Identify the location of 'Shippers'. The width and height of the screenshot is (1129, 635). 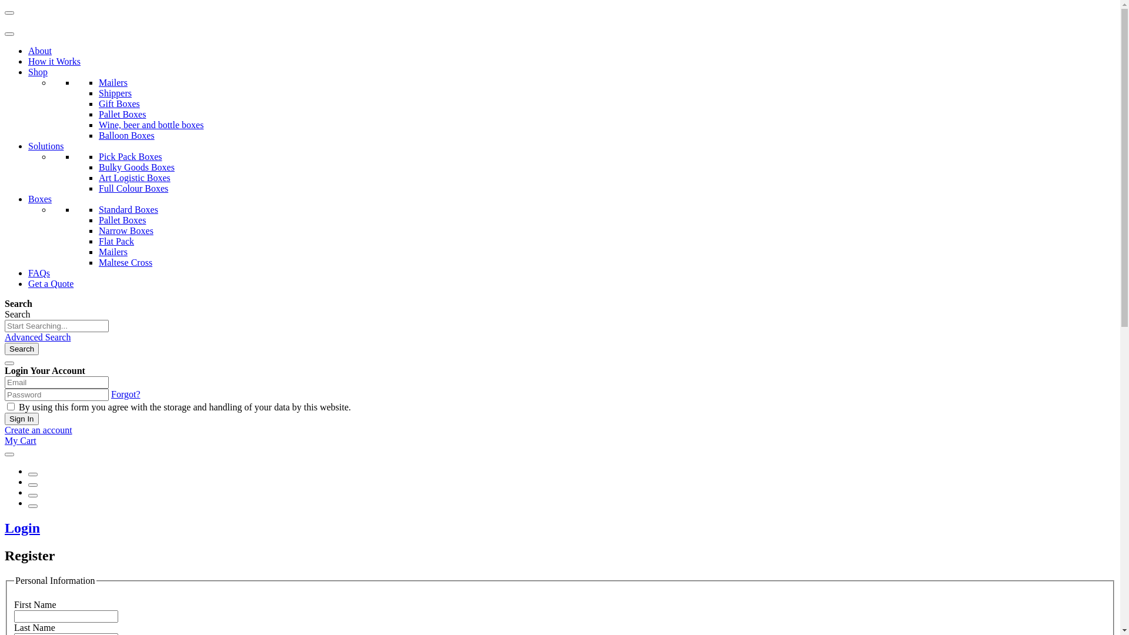
(115, 92).